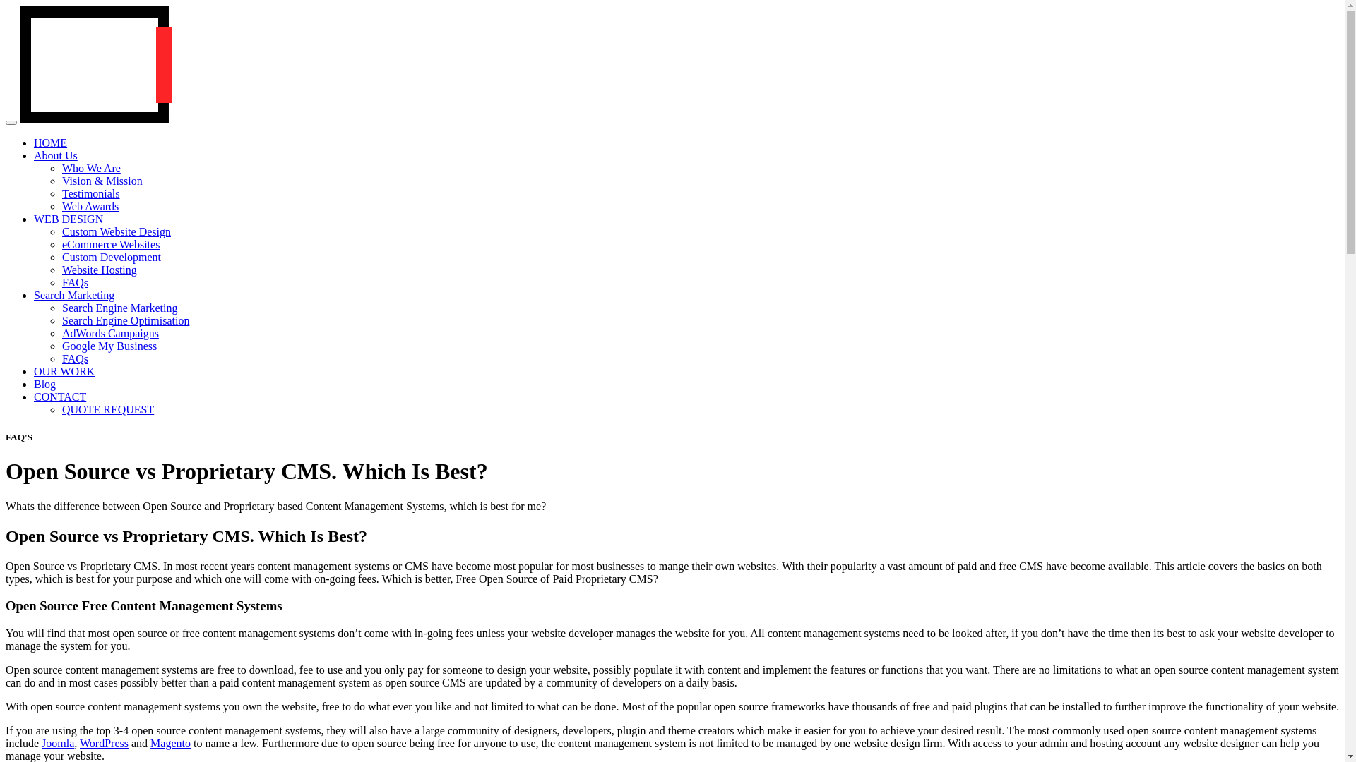 This screenshot has width=1356, height=762. Describe the element at coordinates (111, 257) in the screenshot. I see `'Custom Development'` at that location.